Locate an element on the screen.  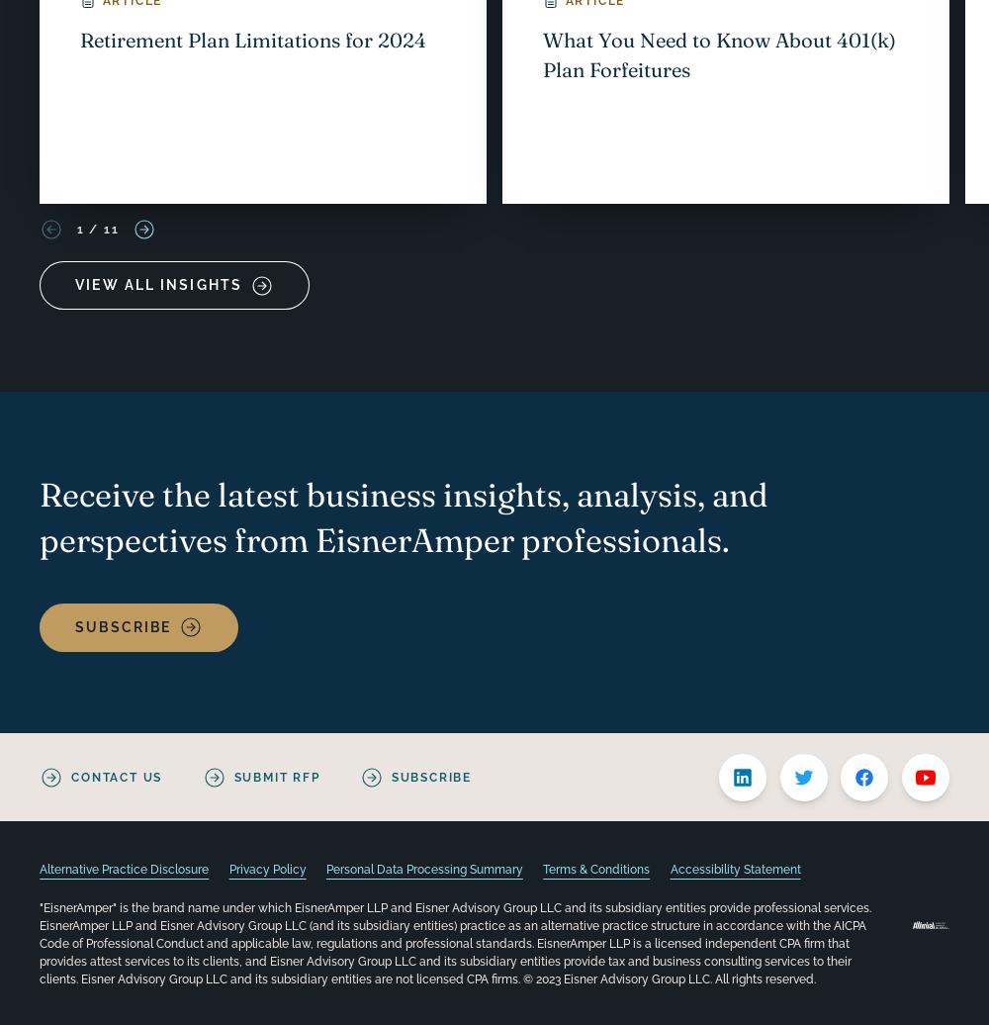
'Contact Us' is located at coordinates (116, 776).